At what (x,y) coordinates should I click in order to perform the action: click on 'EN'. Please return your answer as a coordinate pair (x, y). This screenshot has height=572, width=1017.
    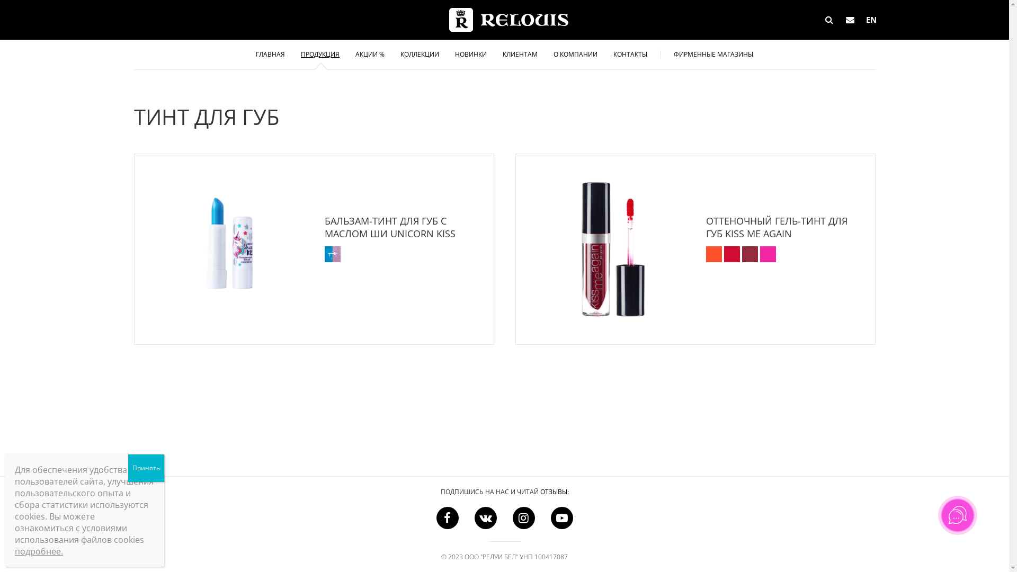
    Looking at the image, I should click on (871, 20).